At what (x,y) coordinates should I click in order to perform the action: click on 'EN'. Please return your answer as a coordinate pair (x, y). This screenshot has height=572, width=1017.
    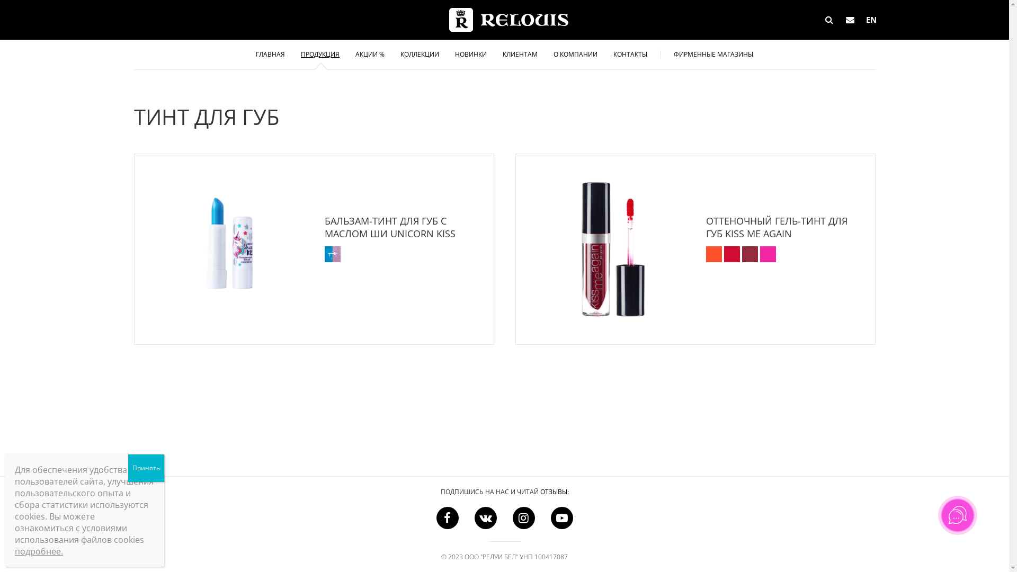
    Looking at the image, I should click on (871, 20).